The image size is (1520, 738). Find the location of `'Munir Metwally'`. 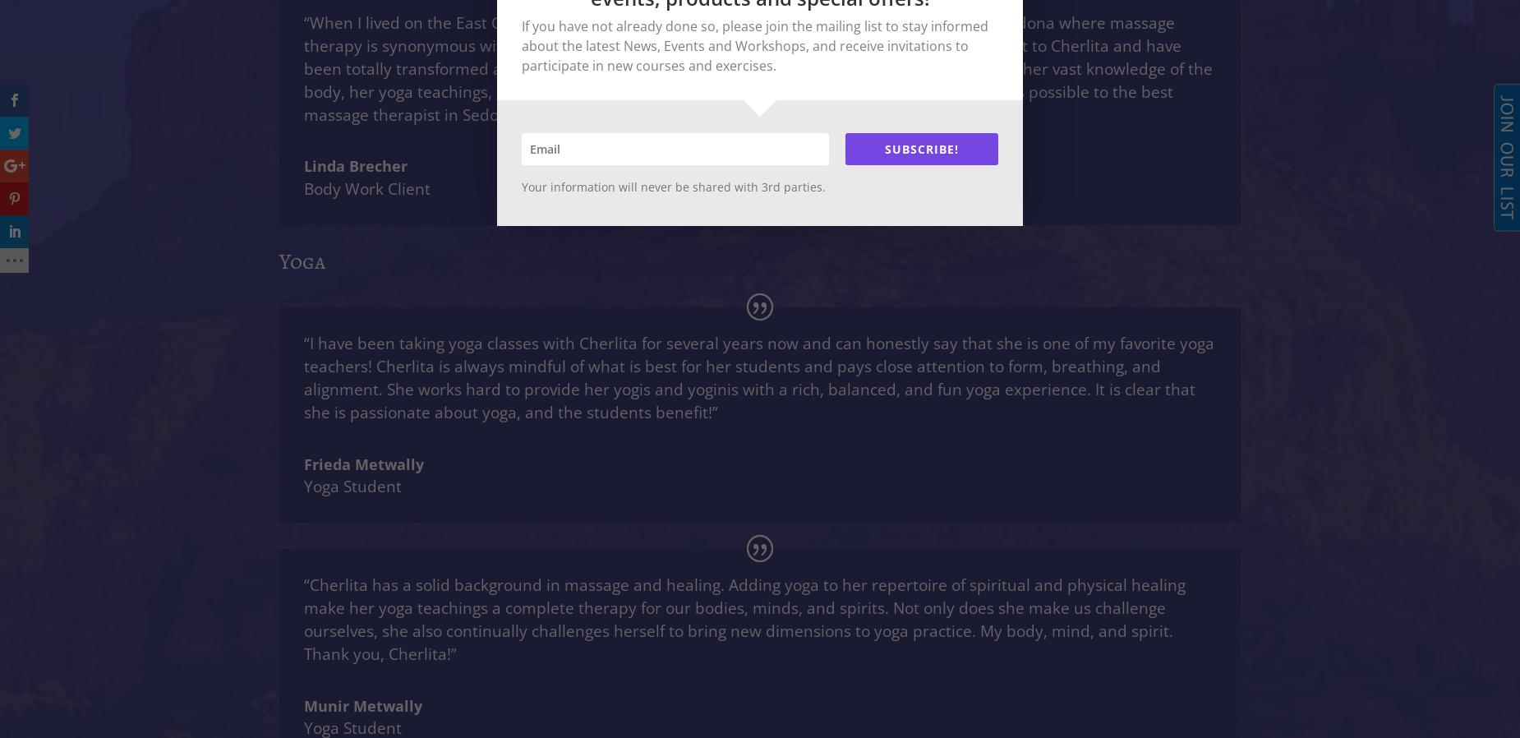

'Munir Metwally' is located at coordinates (303, 705).